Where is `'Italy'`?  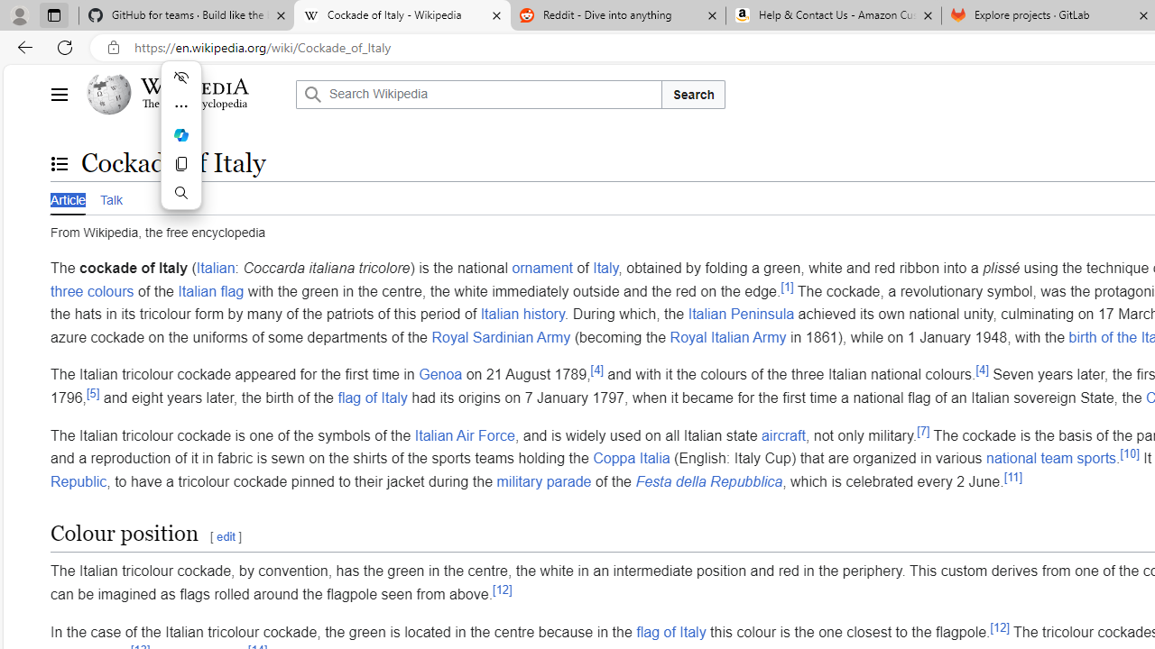
'Italy' is located at coordinates (605, 268).